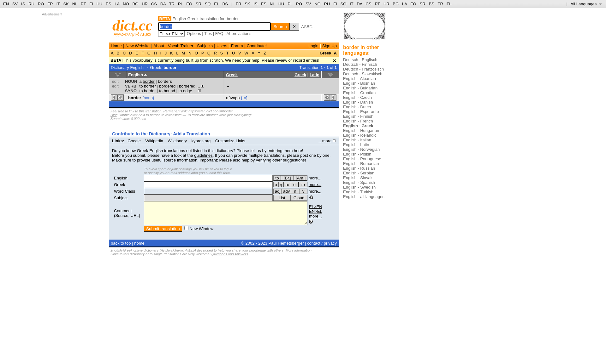 The image size is (606, 340). What do you see at coordinates (117, 4) in the screenshot?
I see `'LA'` at bounding box center [117, 4].